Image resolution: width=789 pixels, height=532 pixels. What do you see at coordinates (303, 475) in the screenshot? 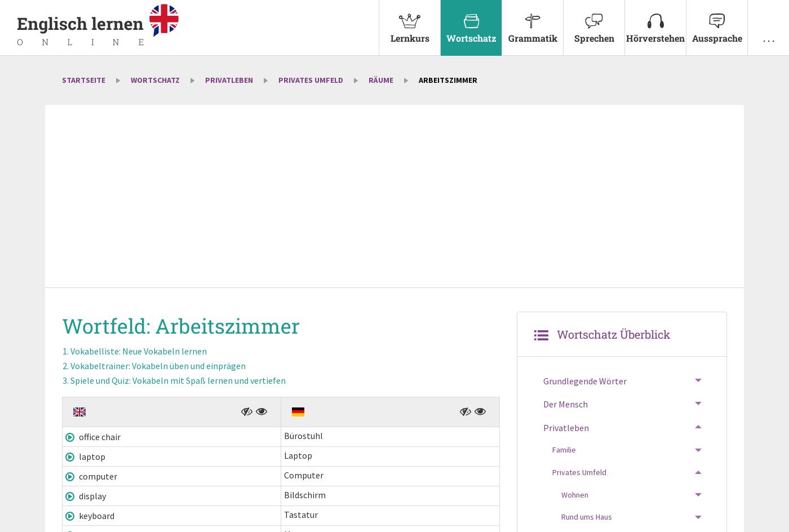
I see `'Computer'` at bounding box center [303, 475].